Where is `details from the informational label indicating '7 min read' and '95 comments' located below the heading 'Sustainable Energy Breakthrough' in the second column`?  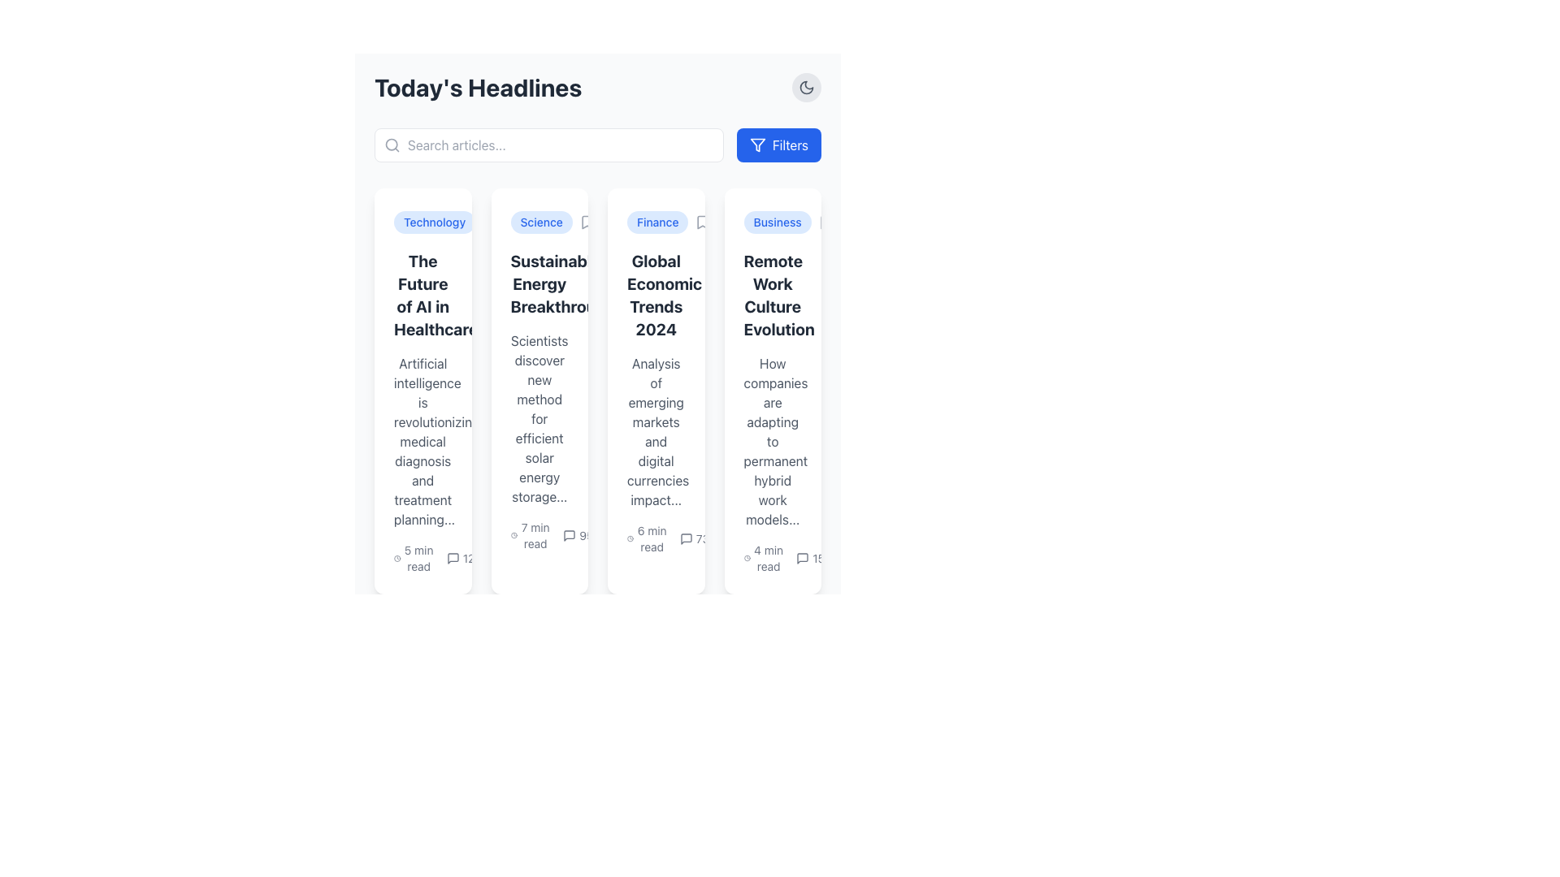 details from the informational label indicating '7 min read' and '95 comments' located below the heading 'Sustainable Energy Breakthrough' in the second column is located at coordinates (552, 535).